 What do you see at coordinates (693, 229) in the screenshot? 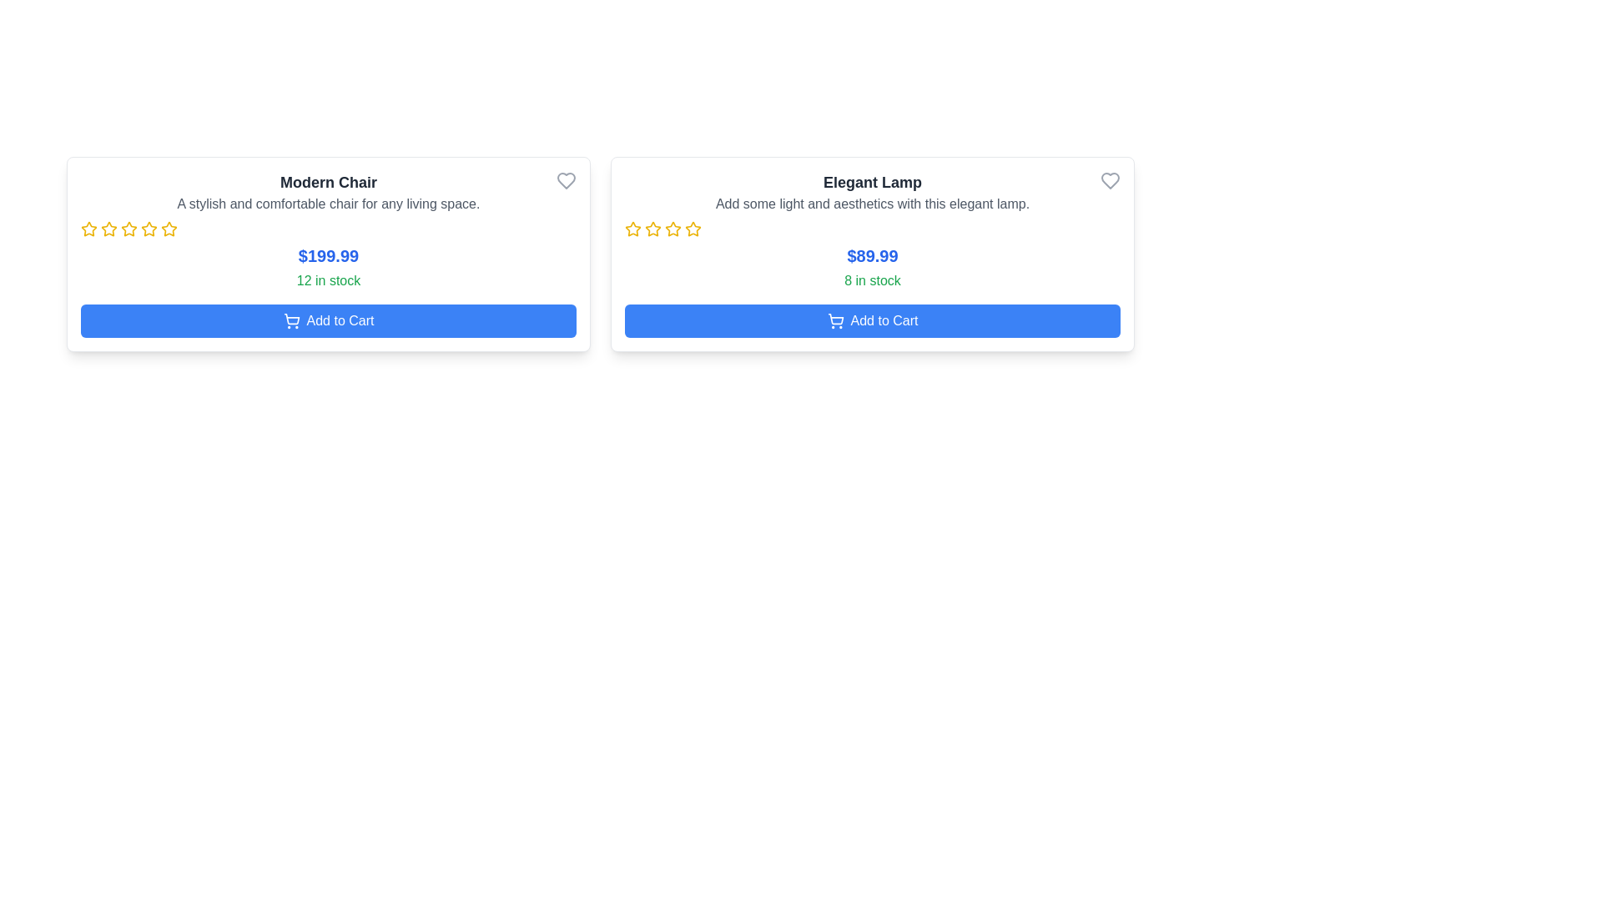
I see `the fourth star icon with a hollow center and yellow outline in the rating stars section of the 'Elegant Lamp' product card` at bounding box center [693, 229].